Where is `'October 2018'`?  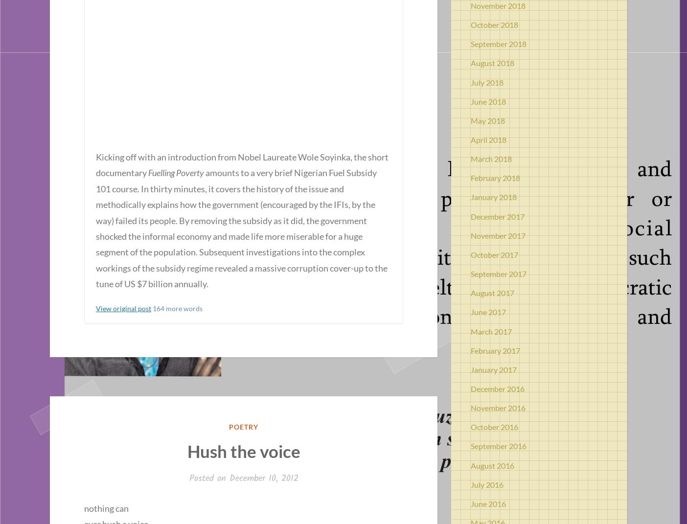 'October 2018' is located at coordinates (494, 24).